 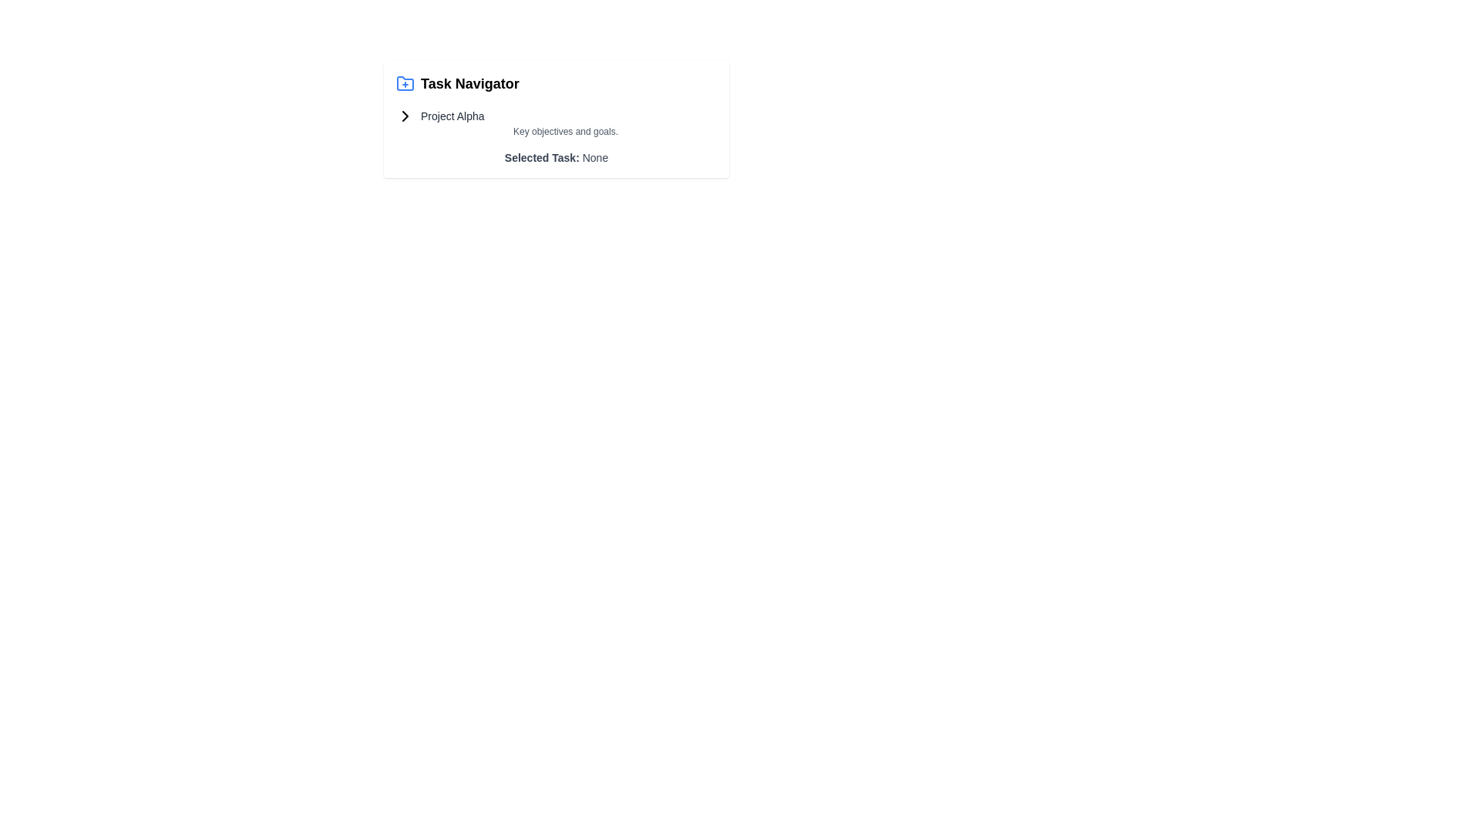 I want to click on the chevron icon pointing to the right, located to the left of the 'Project Alpha' text label, so click(x=405, y=115).